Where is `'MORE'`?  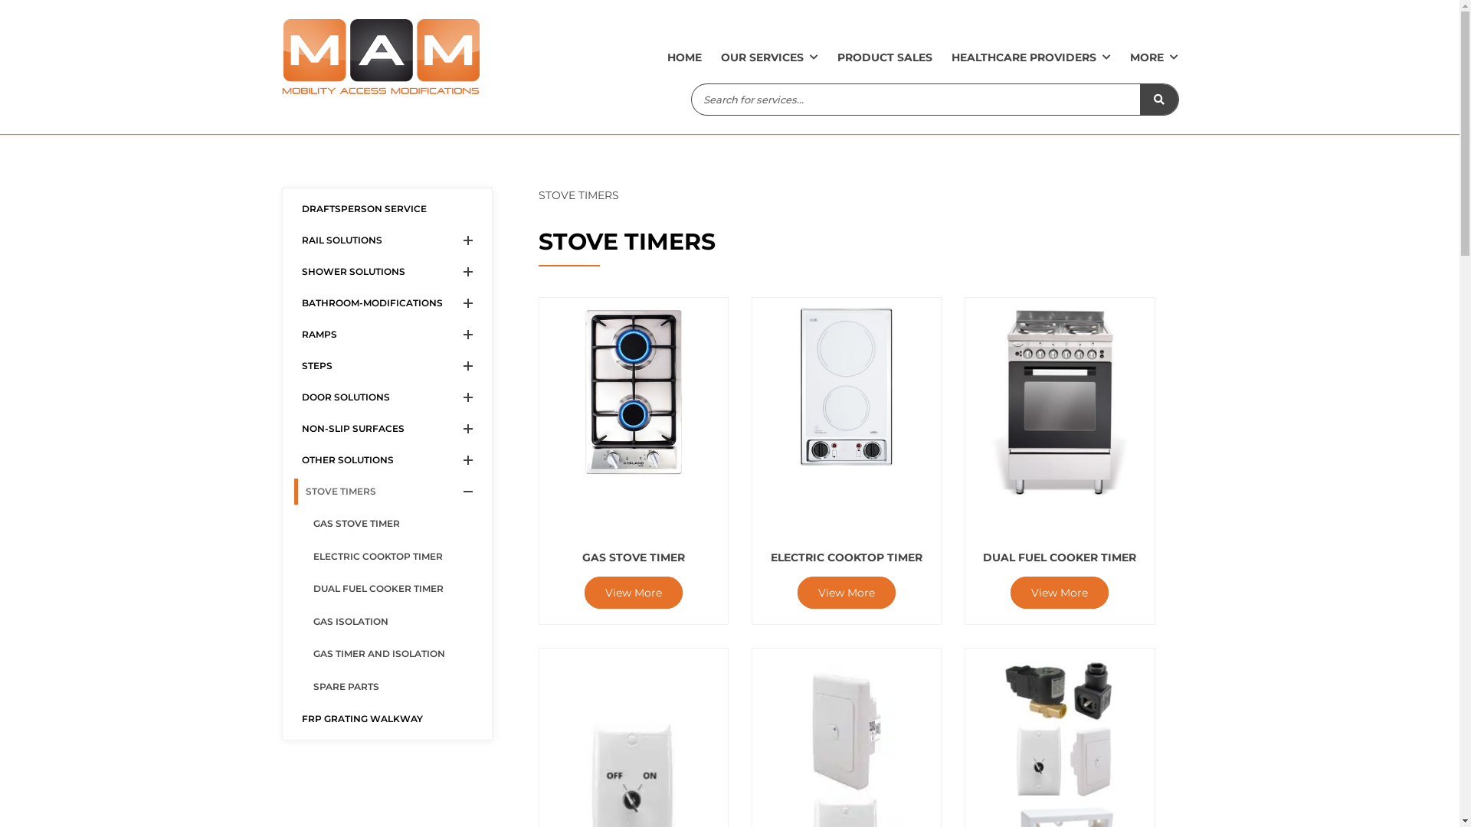 'MORE' is located at coordinates (1129, 56).